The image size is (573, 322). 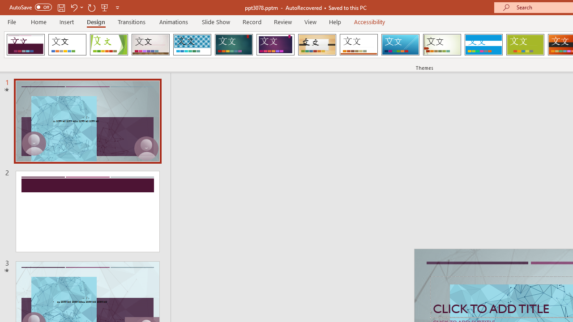 I want to click on 'Facet', so click(x=108, y=45).